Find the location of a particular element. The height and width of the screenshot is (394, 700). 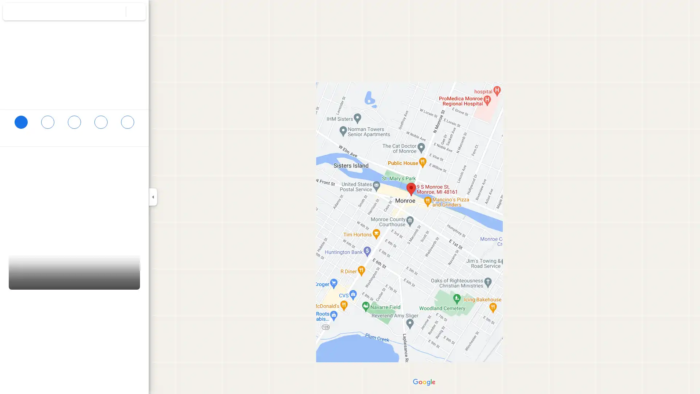

Street View is located at coordinates (74, 267).